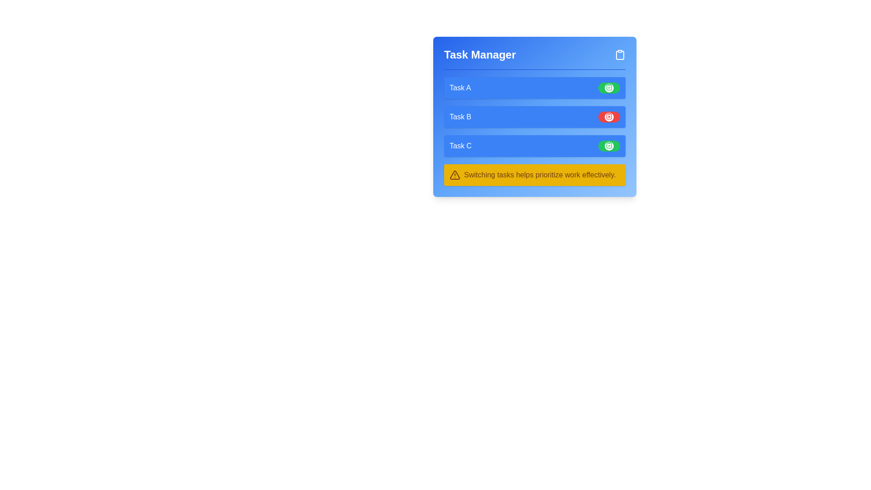  What do you see at coordinates (535, 145) in the screenshot?
I see `the third task item row with a toggle button located below 'Task A' and 'Task B'` at bounding box center [535, 145].